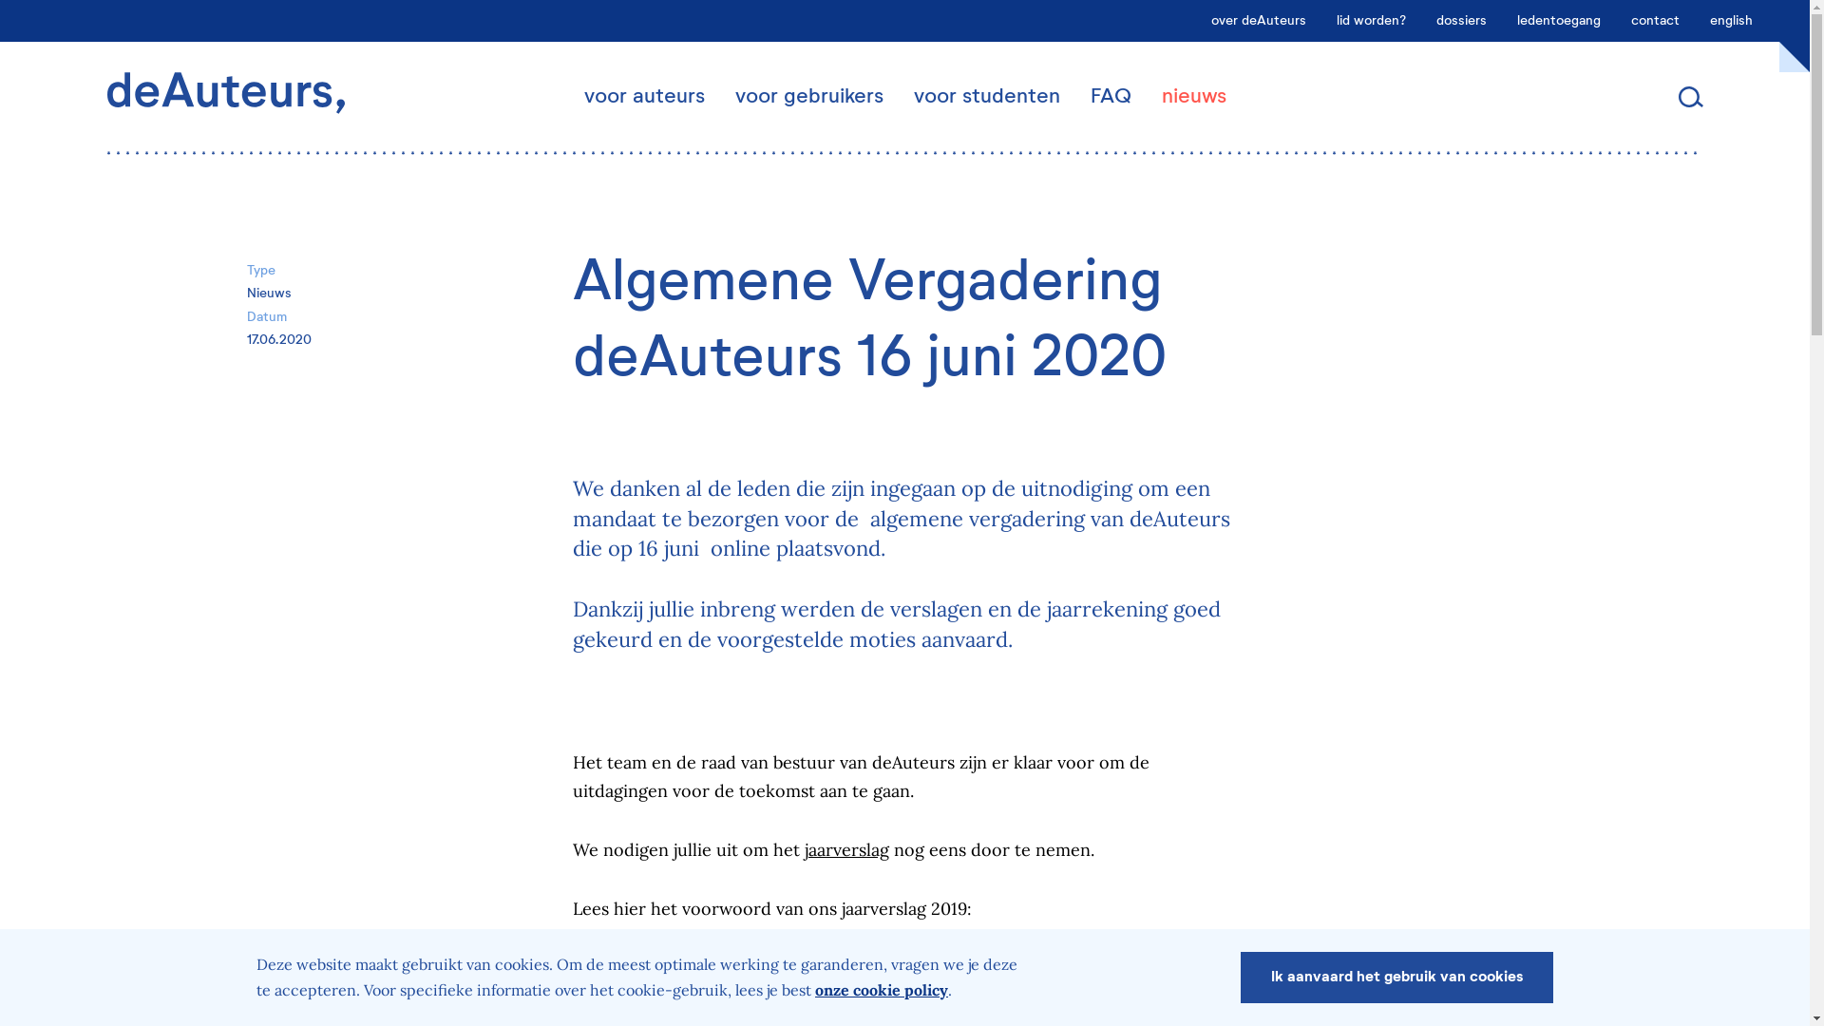 This screenshot has height=1026, width=1824. Describe the element at coordinates (1614, 21) in the screenshot. I see `'contact'` at that location.